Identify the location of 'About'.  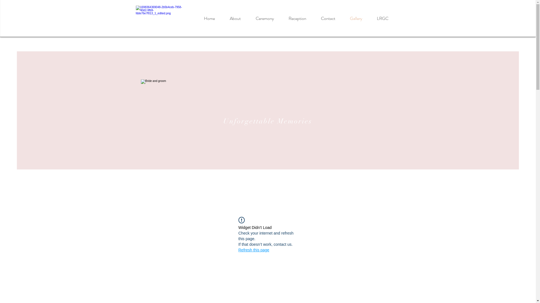
(235, 18).